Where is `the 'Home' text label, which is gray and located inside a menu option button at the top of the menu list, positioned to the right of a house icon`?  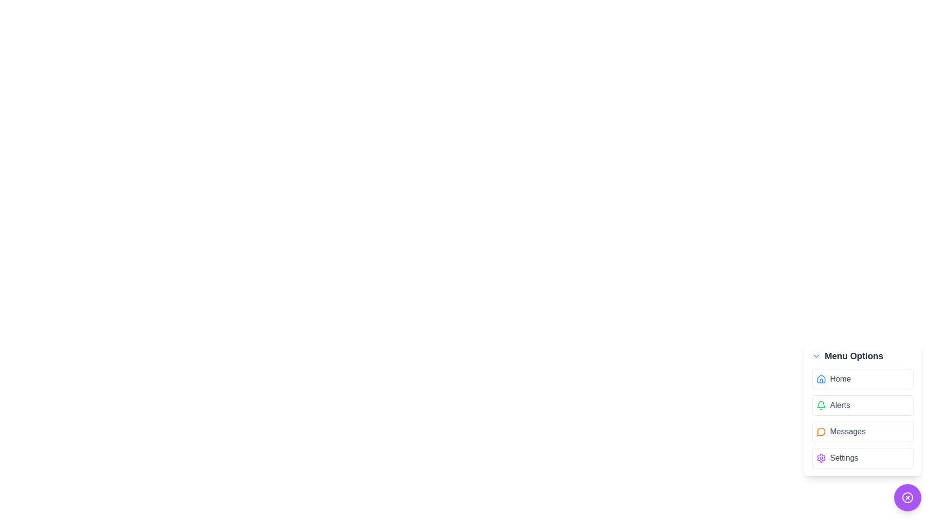
the 'Home' text label, which is gray and located inside a menu option button at the top of the menu list, positioned to the right of a house icon is located at coordinates (840, 378).